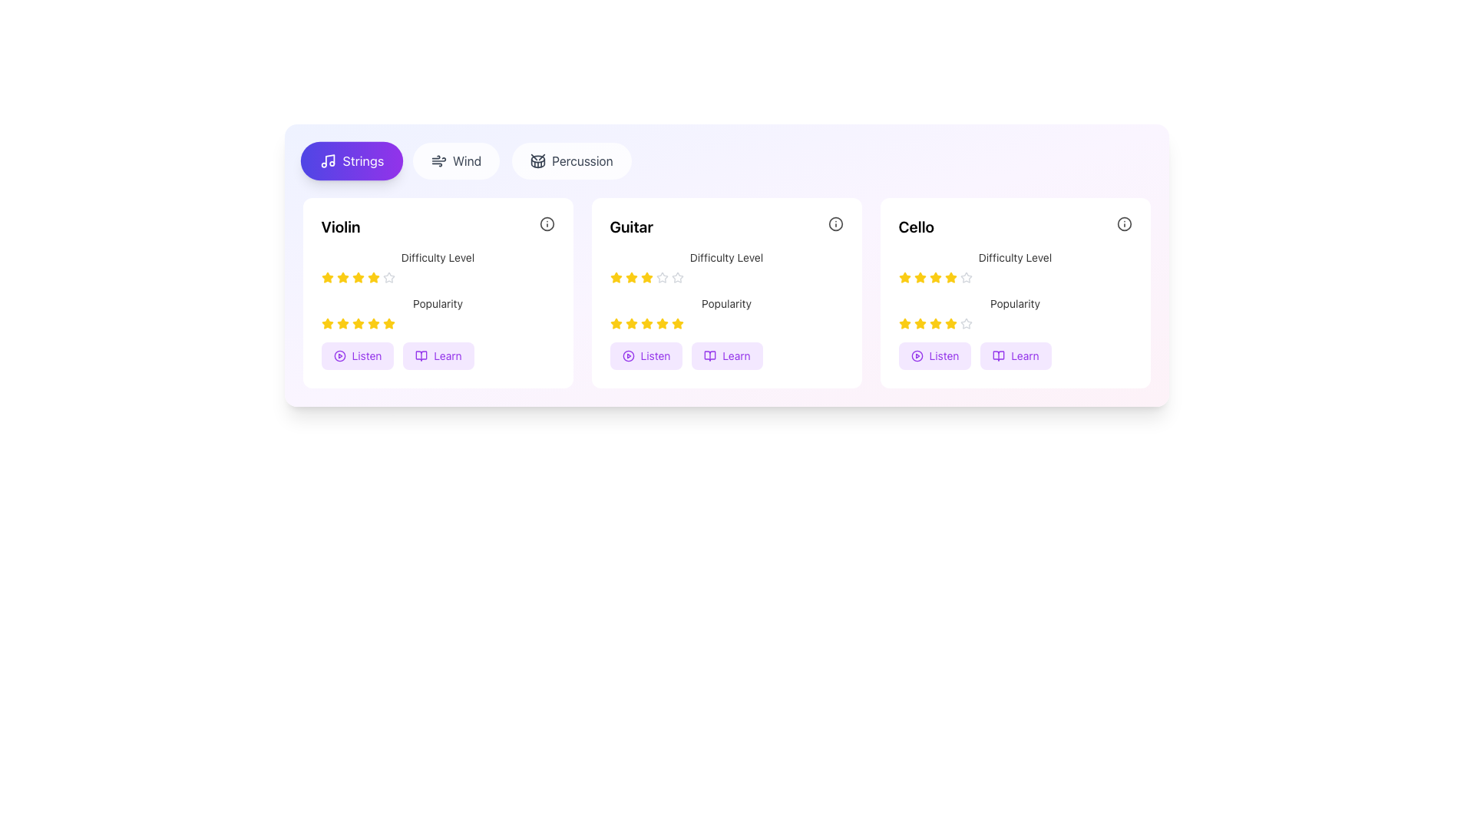 This screenshot has height=829, width=1474. Describe the element at coordinates (326, 278) in the screenshot. I see `the first yellow star icon in the 'Difficulty Level' section of the 'Violin' card to interact with the rating` at that location.